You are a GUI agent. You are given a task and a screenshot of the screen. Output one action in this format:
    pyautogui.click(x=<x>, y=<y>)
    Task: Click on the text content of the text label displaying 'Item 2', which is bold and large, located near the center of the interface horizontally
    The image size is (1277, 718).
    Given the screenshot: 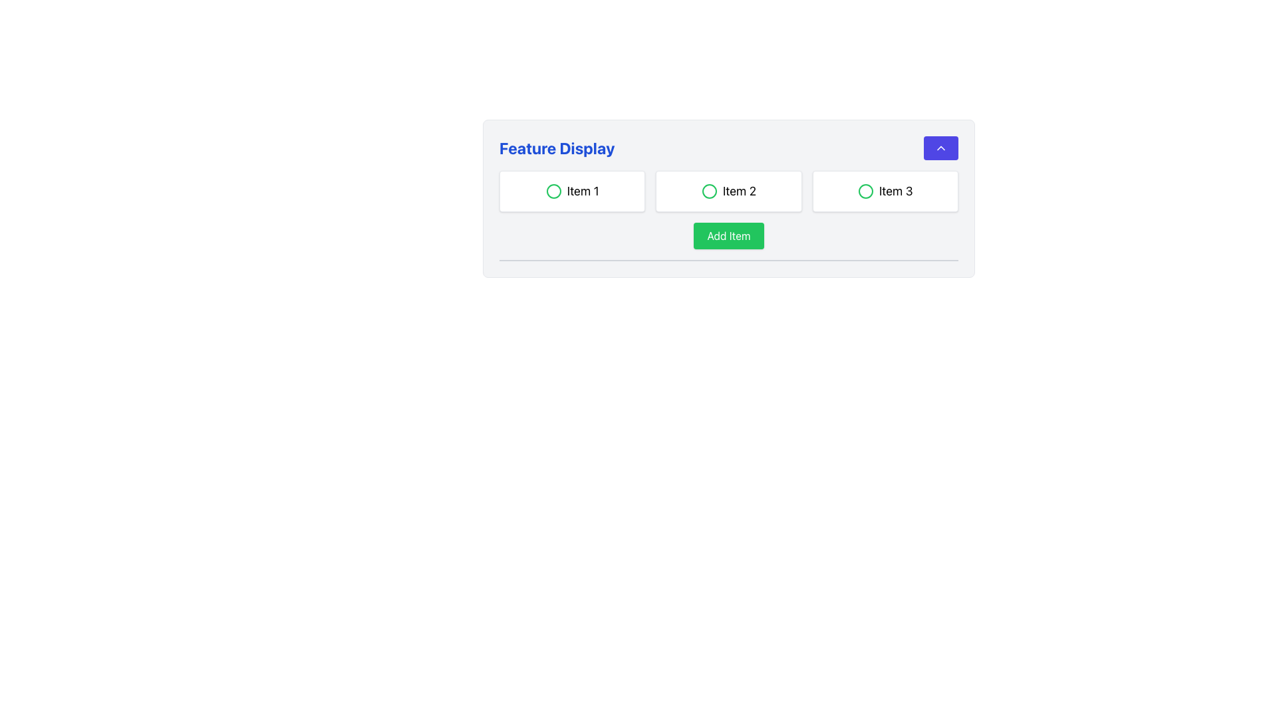 What is the action you would take?
    pyautogui.click(x=739, y=191)
    